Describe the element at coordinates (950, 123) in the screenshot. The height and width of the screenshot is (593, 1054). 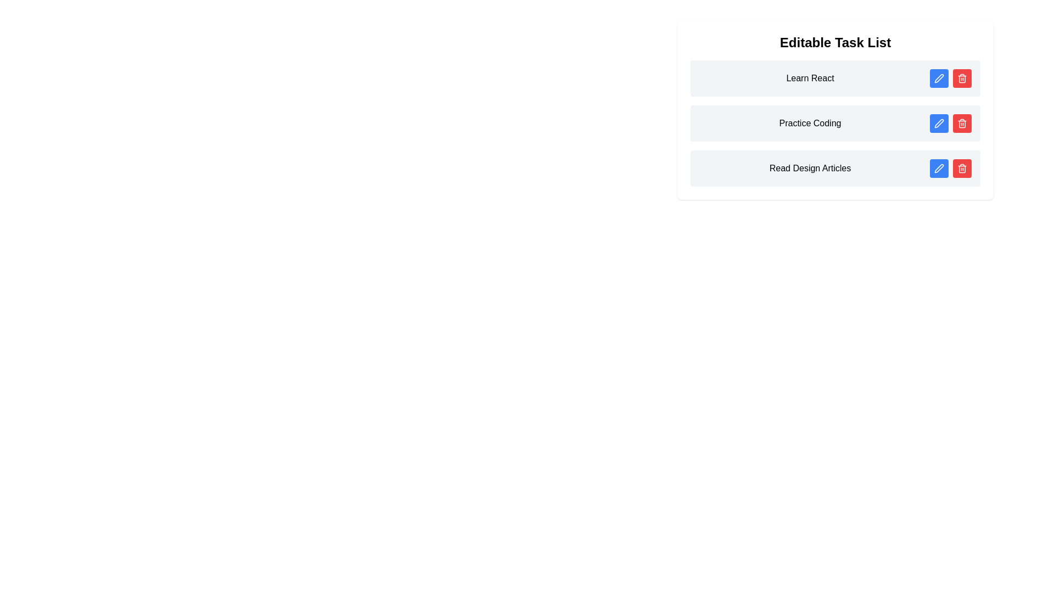
I see `the interactive buttons for the task 'Practice Coding', which include an edit button (blue) and a delete button (red)` at that location.